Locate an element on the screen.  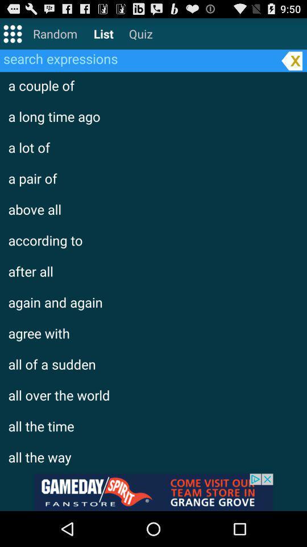
advertisement is located at coordinates (153, 492).